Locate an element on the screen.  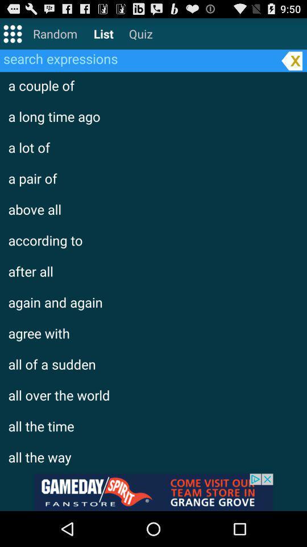
advertisement is located at coordinates (153, 492).